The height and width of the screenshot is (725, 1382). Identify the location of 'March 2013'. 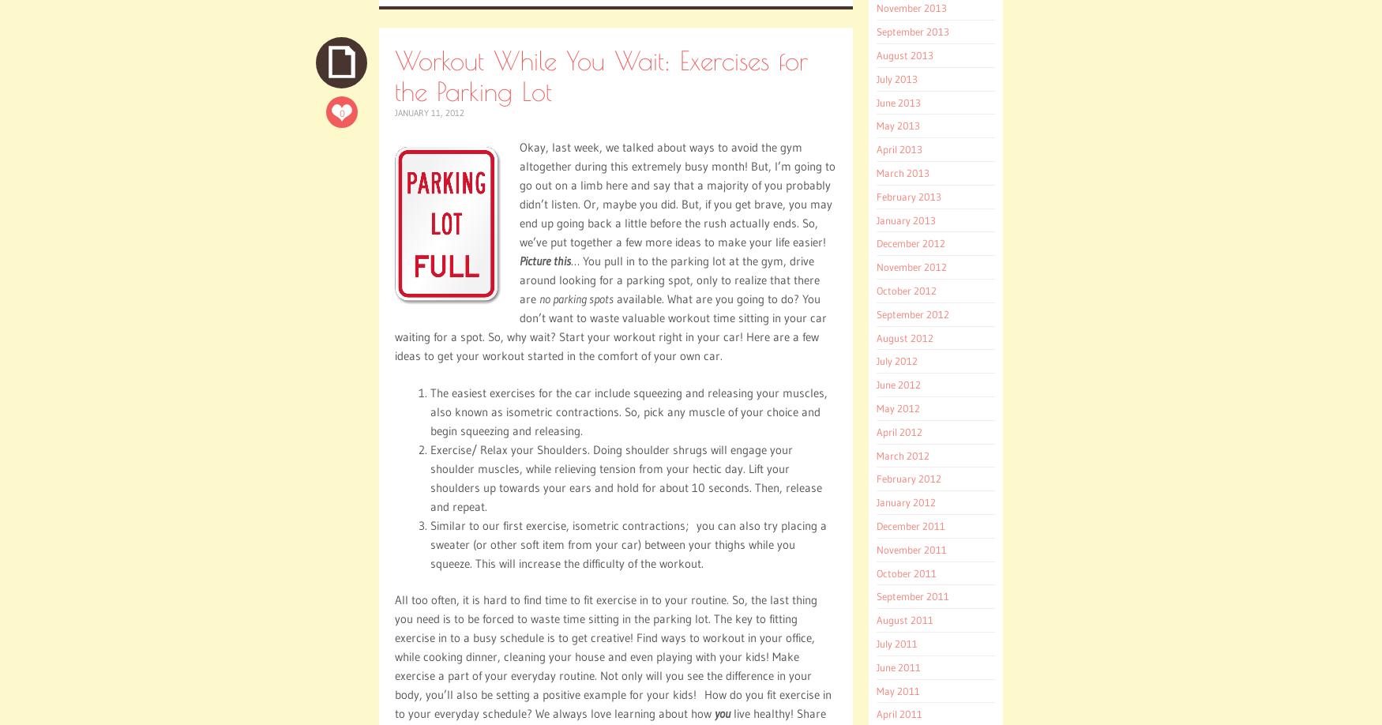
(877, 172).